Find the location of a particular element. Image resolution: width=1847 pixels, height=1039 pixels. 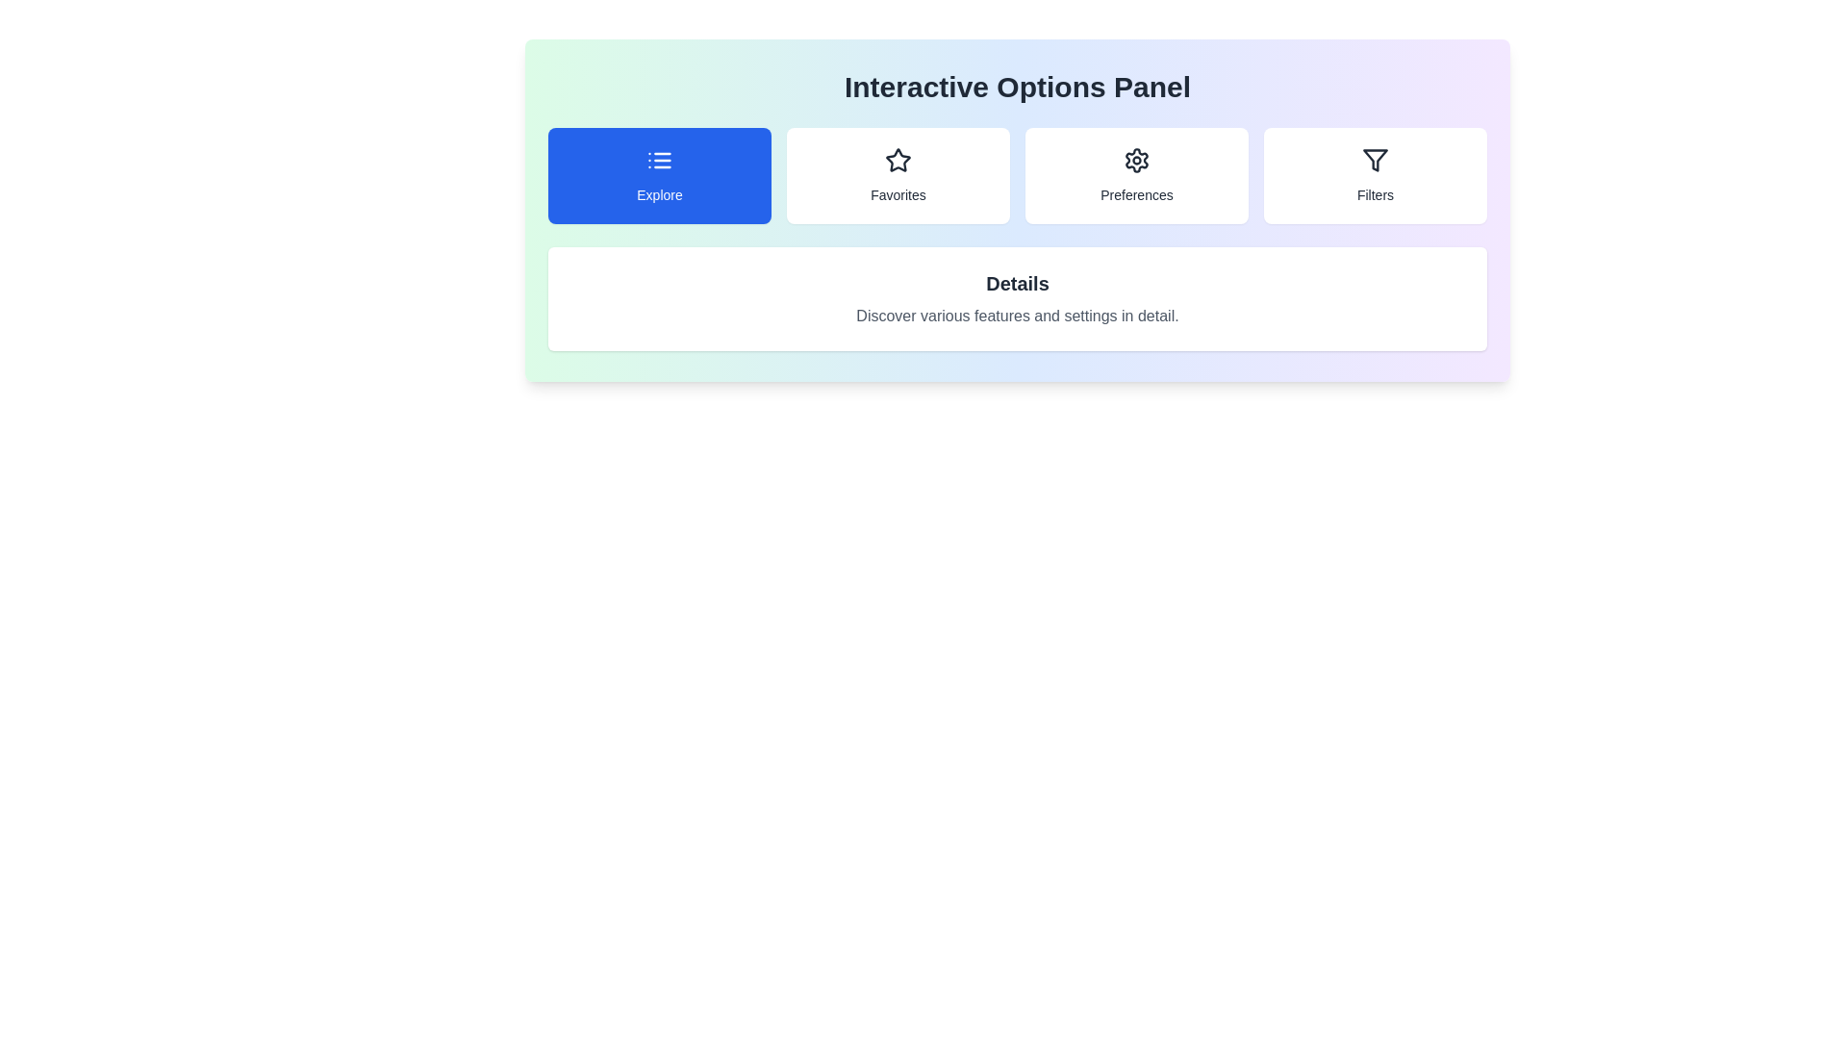

the cogwheel-shaped SVG icon, which is the third option in a group of four icons at the top-center of the interface is located at coordinates (1136, 159).